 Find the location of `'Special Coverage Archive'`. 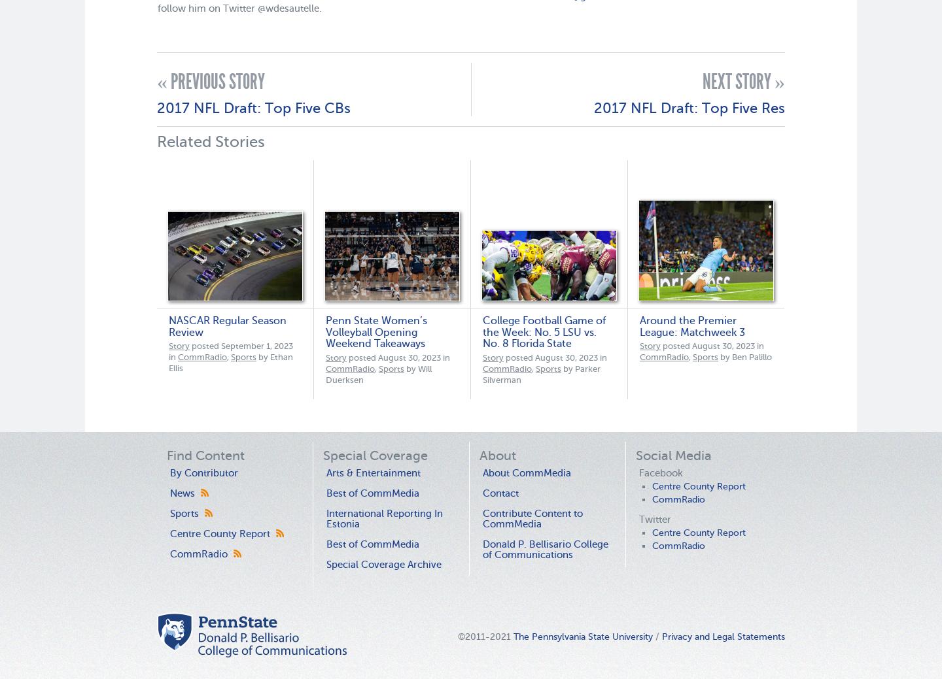

'Special Coverage Archive' is located at coordinates (383, 564).